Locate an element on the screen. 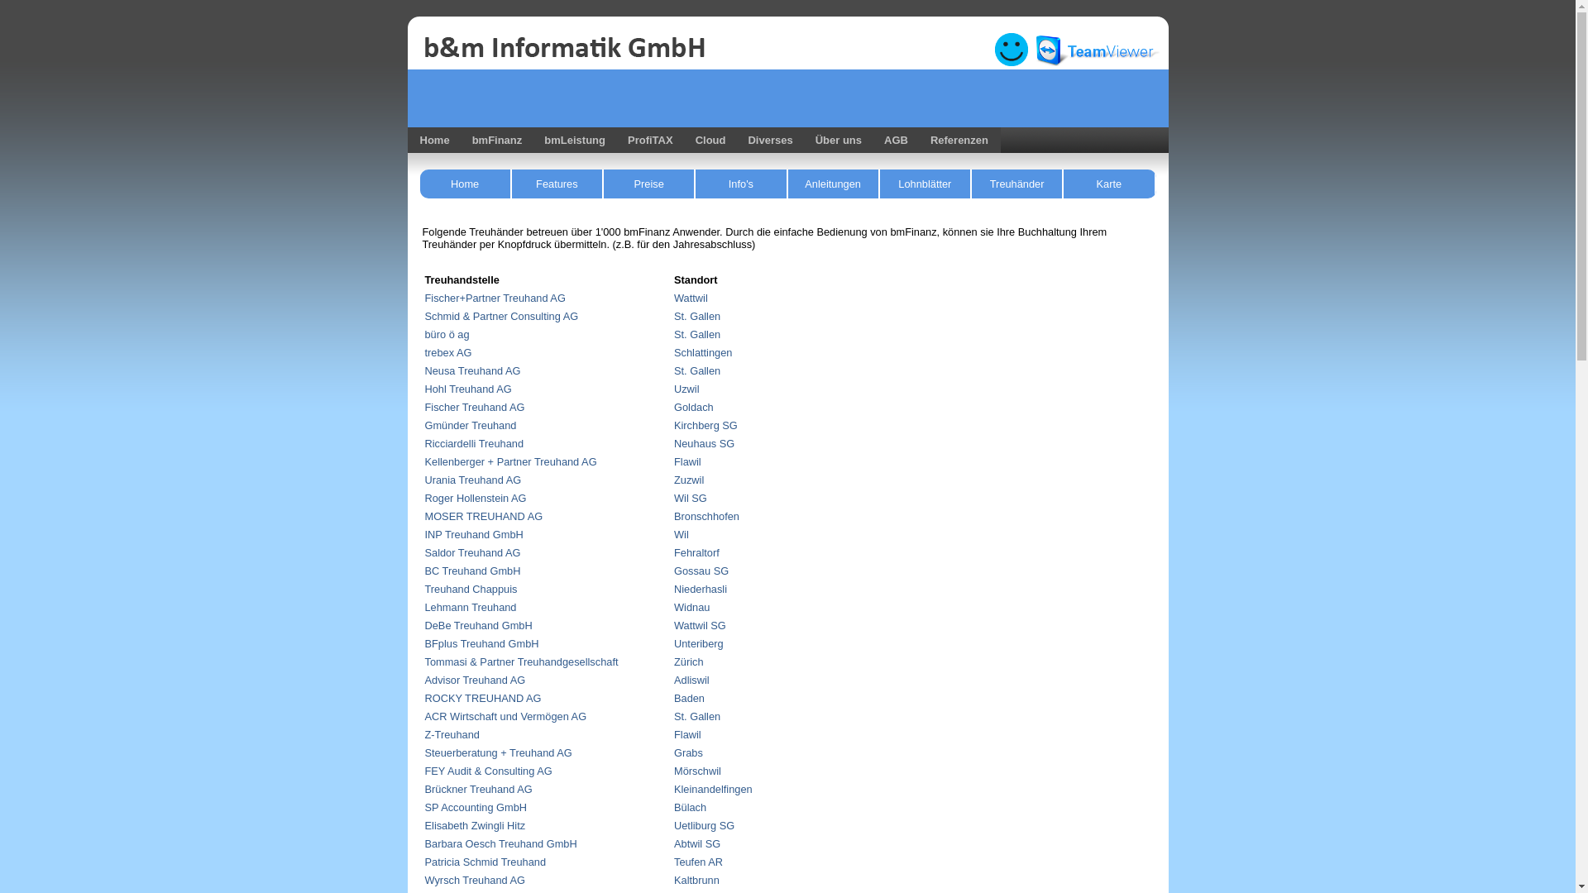 This screenshot has height=893, width=1588. 'ProfiTAX' is located at coordinates (649, 139).